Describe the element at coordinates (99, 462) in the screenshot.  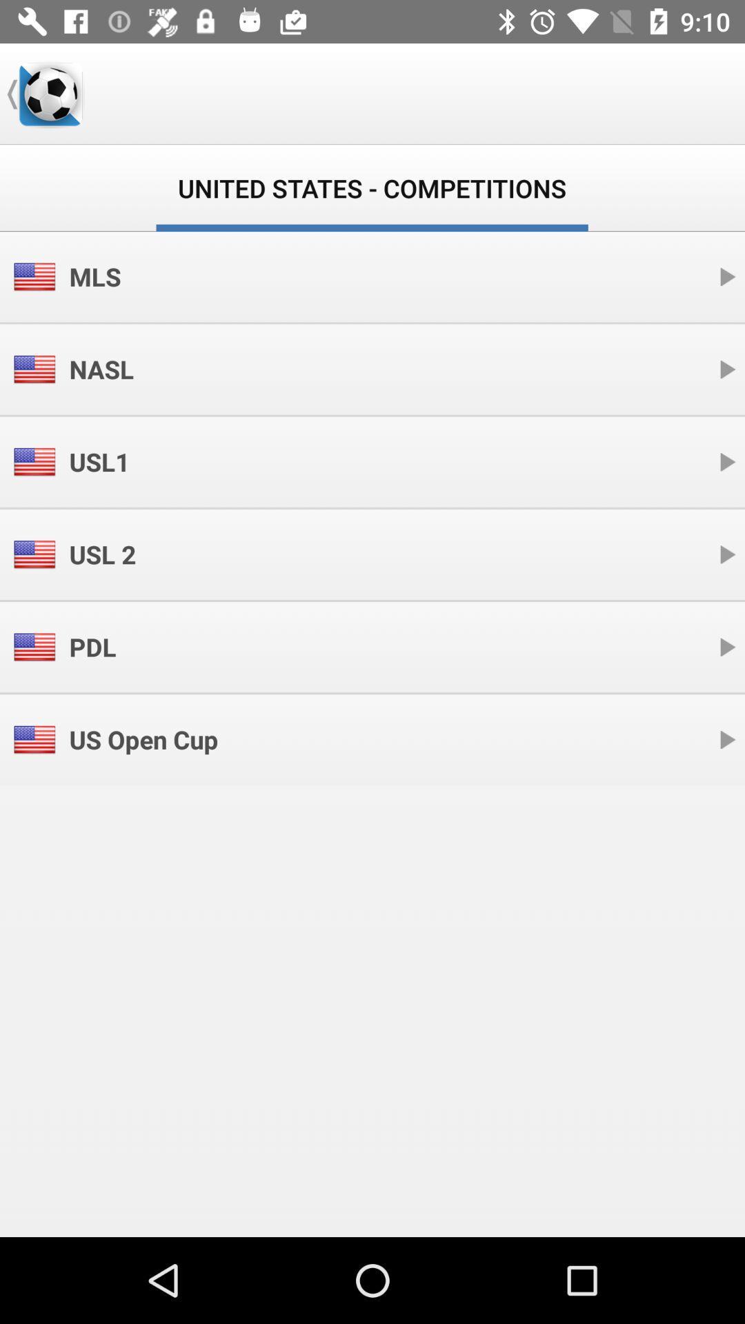
I see `icon below nasl icon` at that location.